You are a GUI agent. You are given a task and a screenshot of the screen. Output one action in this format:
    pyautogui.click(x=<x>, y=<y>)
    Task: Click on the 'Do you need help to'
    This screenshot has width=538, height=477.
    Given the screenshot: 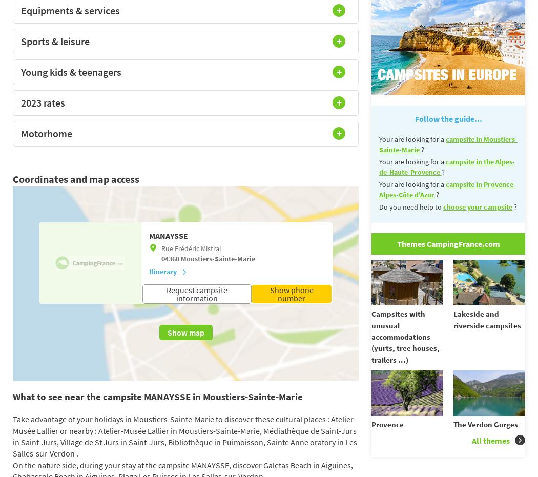 What is the action you would take?
    pyautogui.click(x=410, y=206)
    